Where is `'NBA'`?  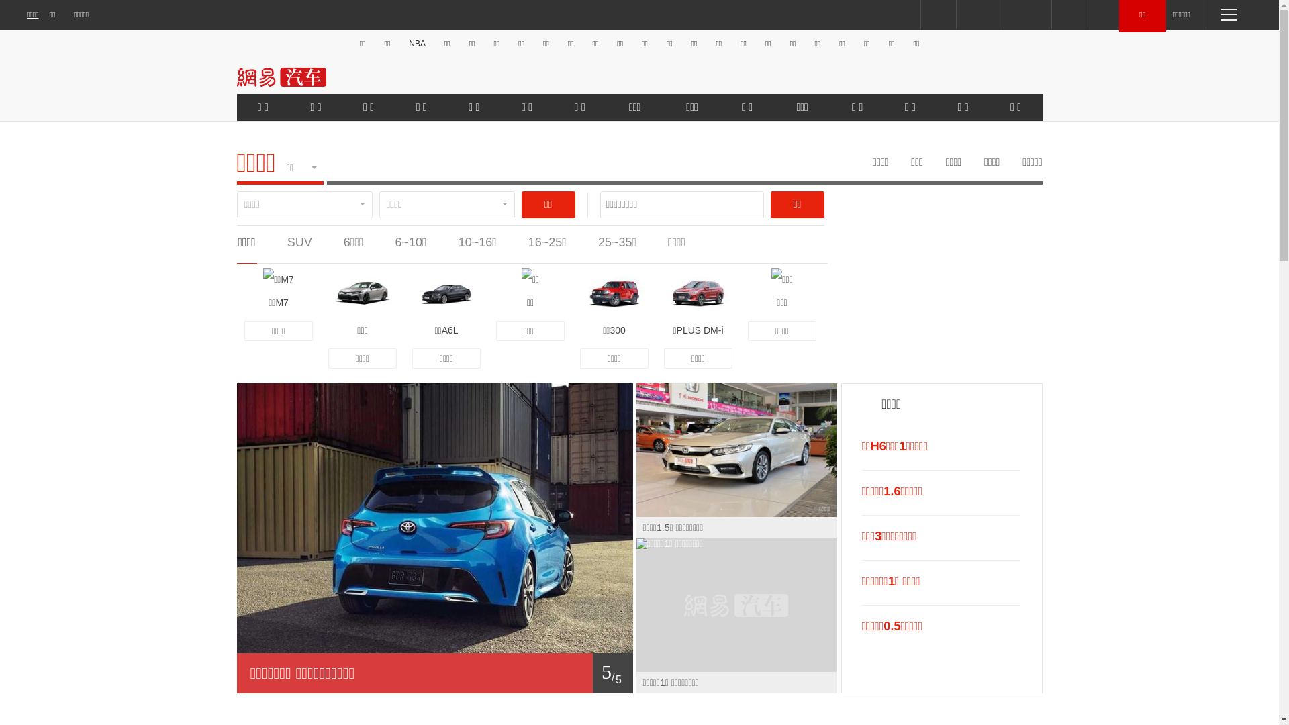 'NBA' is located at coordinates (416, 43).